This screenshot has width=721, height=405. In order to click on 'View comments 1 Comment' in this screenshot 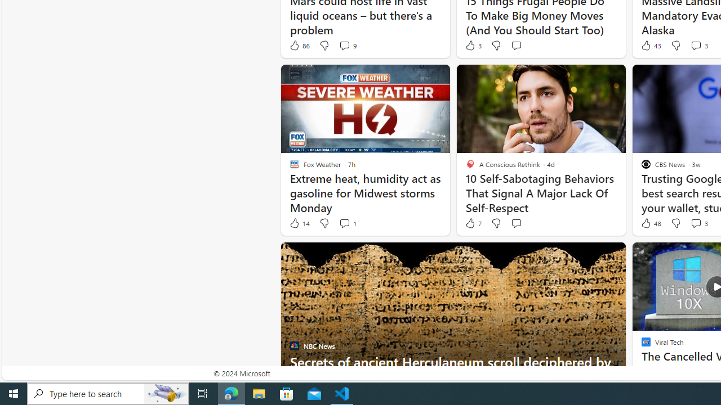, I will do `click(344, 223)`.